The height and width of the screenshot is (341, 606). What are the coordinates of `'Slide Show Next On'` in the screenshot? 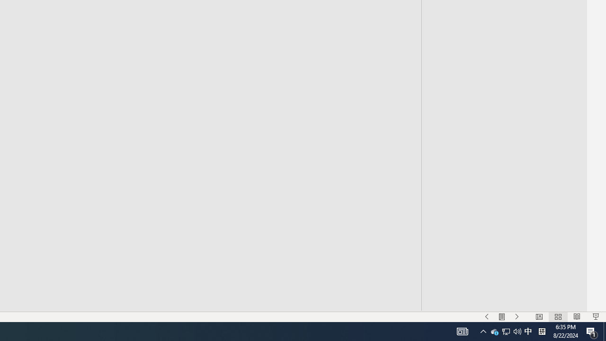 It's located at (517, 317).